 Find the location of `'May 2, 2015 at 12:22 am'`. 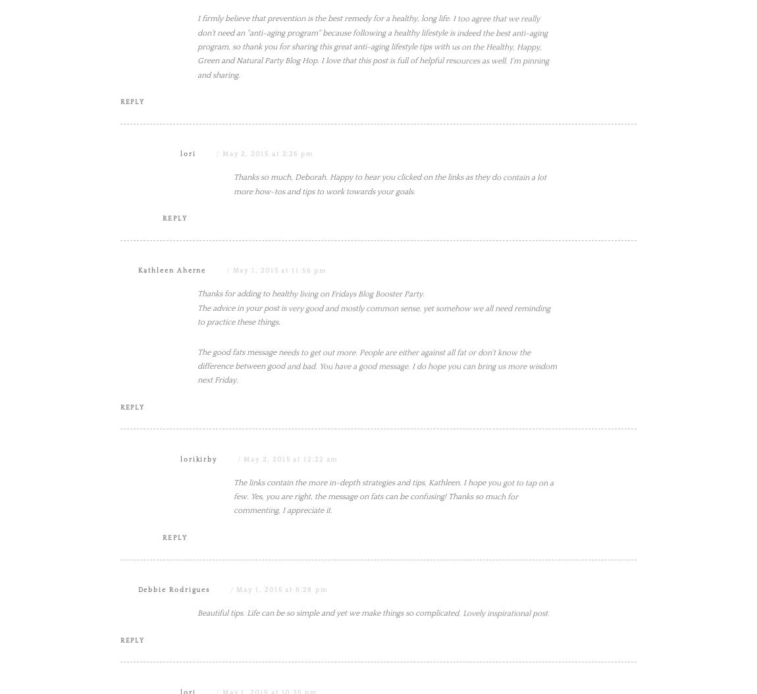

'May 2, 2015 at 12:22 am' is located at coordinates (290, 591).